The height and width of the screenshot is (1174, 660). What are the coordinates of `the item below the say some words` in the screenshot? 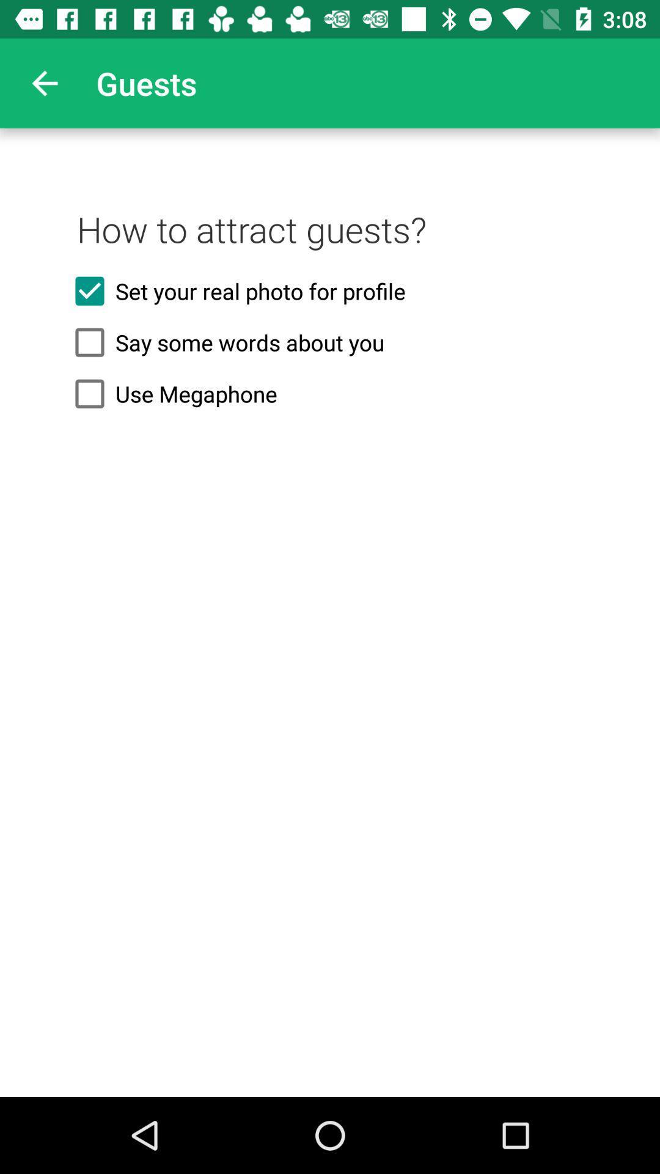 It's located at (330, 394).